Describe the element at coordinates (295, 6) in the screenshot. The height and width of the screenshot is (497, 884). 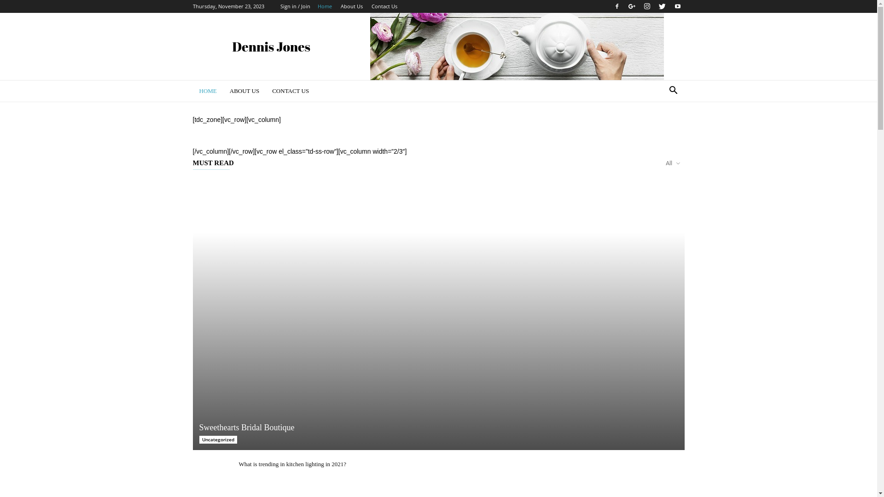
I see `'Sign in / Join'` at that location.